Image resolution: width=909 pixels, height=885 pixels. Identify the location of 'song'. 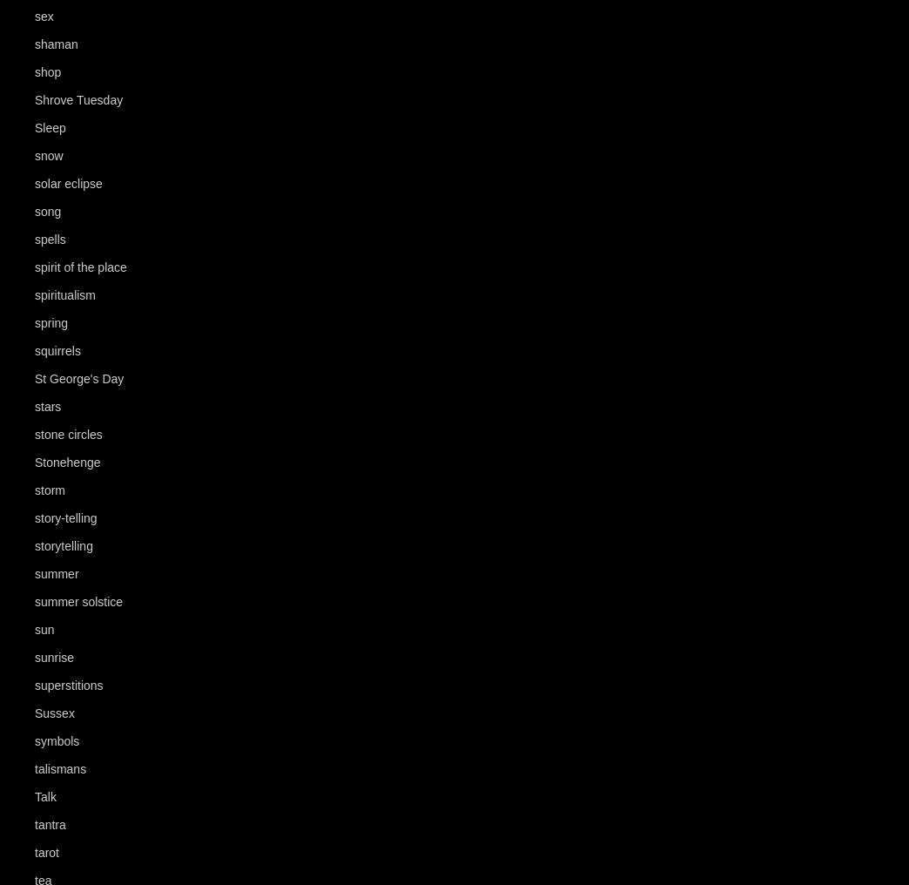
(47, 212).